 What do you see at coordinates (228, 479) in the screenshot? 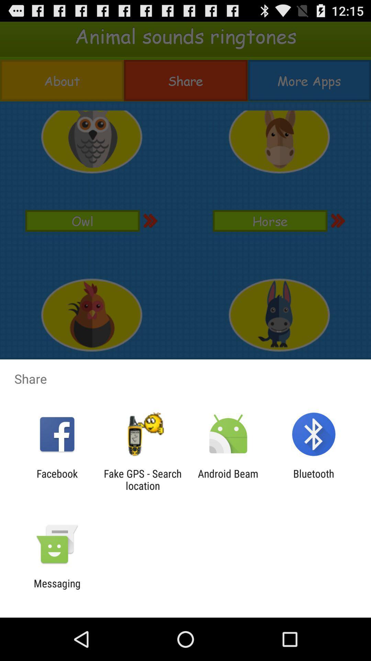
I see `the app to the left of the bluetooth icon` at bounding box center [228, 479].